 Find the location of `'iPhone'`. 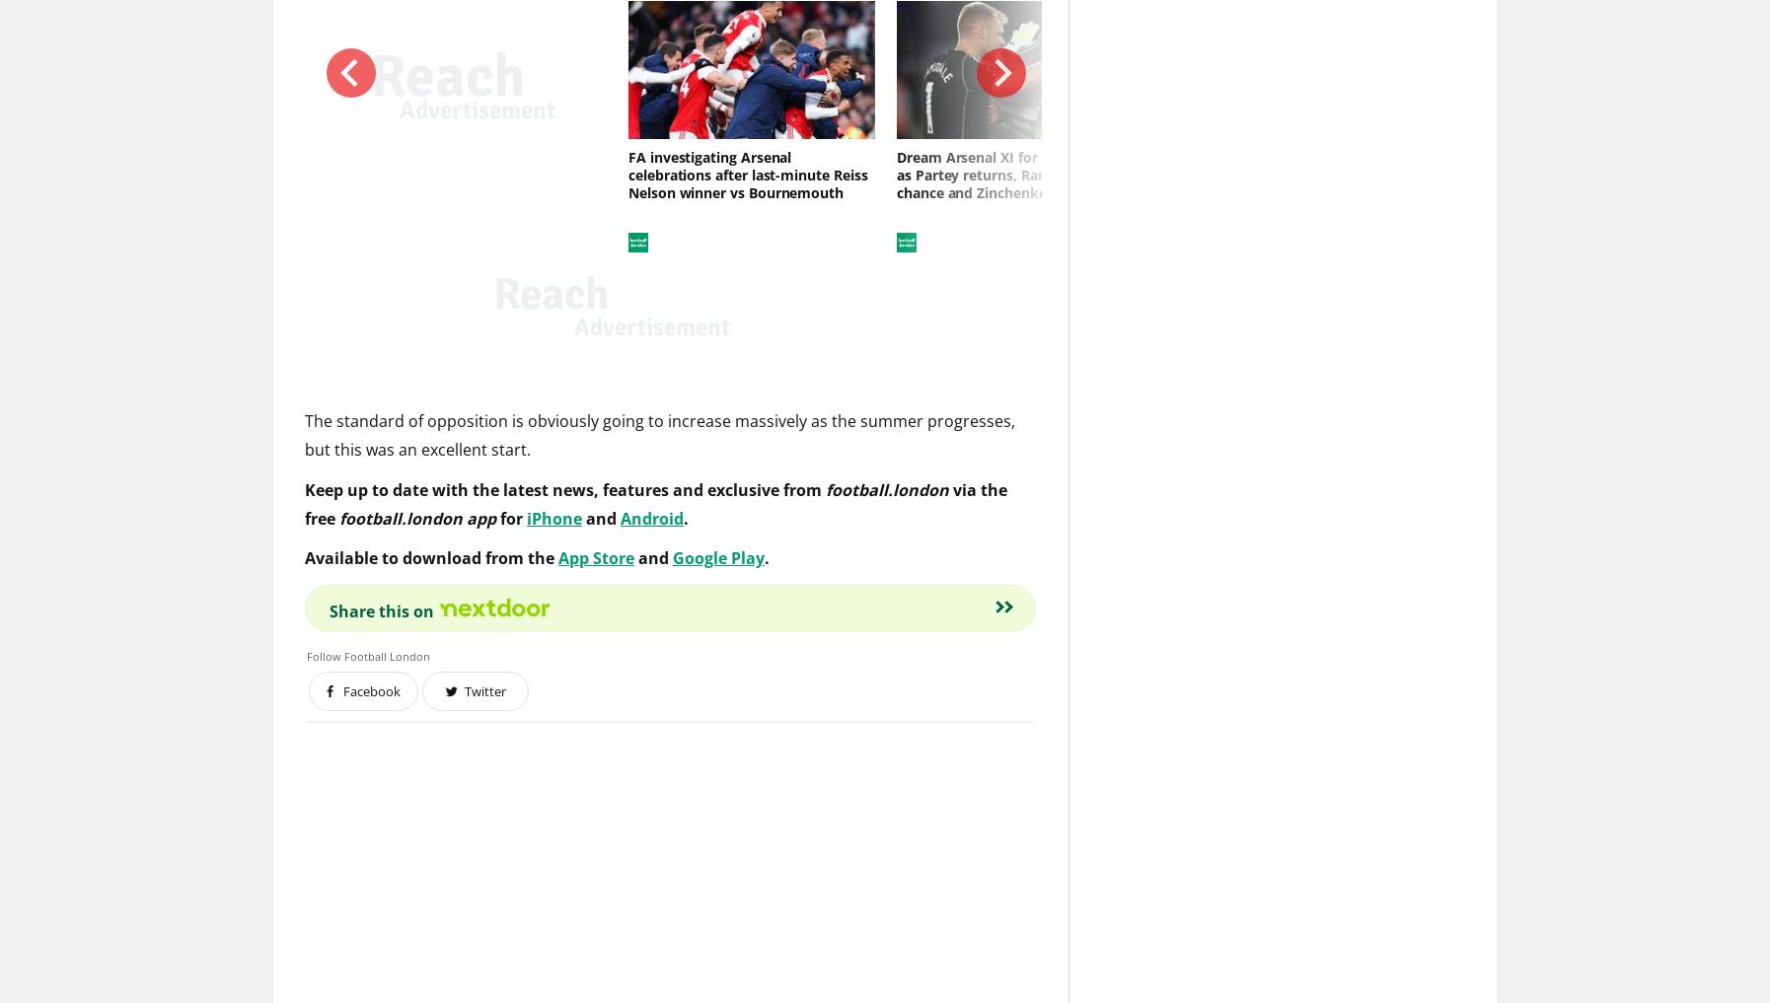

'iPhone' is located at coordinates (554, 521).